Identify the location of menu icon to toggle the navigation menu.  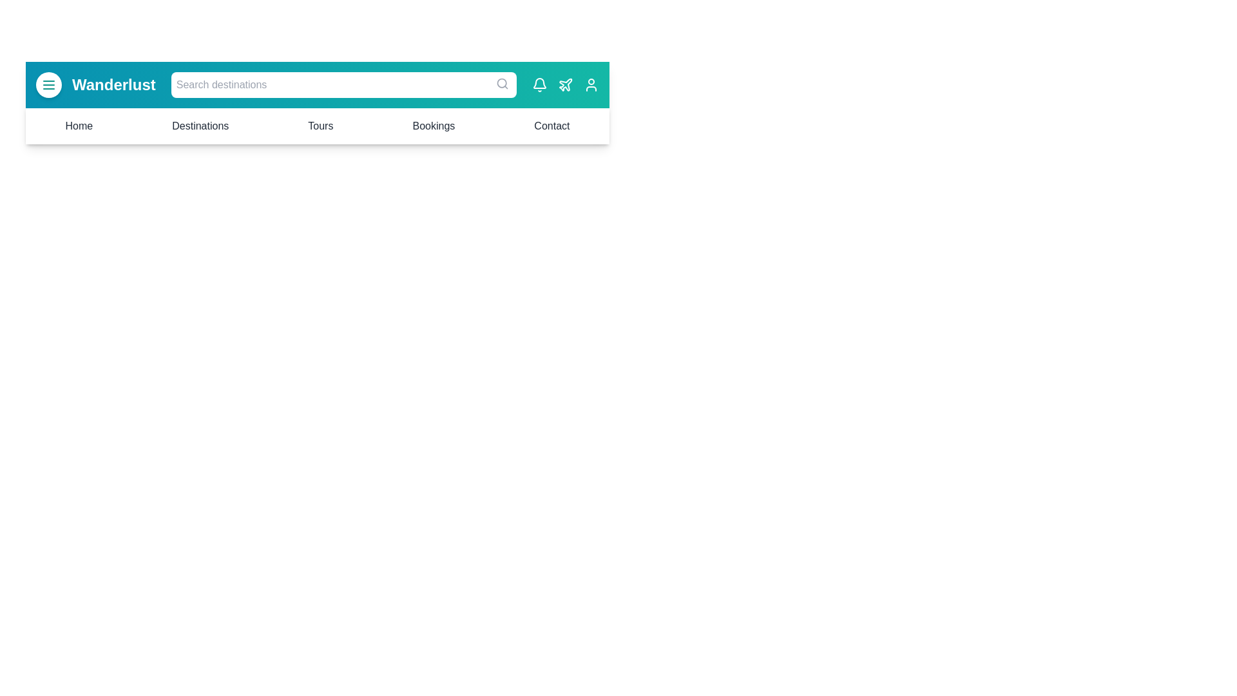
(49, 84).